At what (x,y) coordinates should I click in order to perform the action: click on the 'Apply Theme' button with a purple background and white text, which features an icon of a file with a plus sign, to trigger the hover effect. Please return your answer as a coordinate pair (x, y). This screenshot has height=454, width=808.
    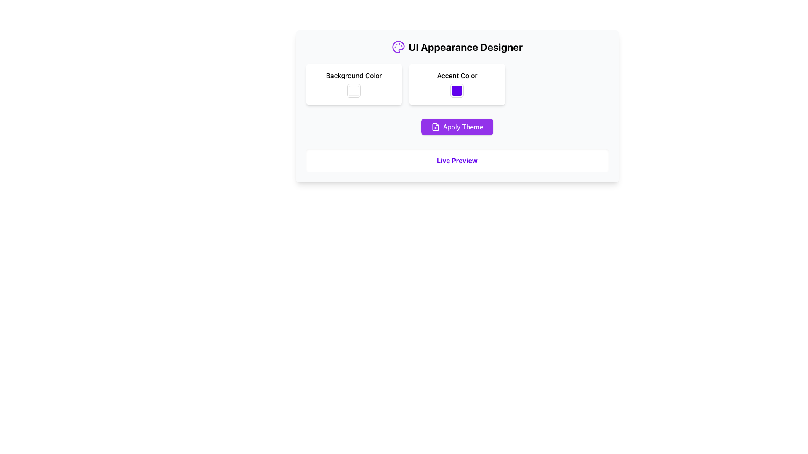
    Looking at the image, I should click on (457, 127).